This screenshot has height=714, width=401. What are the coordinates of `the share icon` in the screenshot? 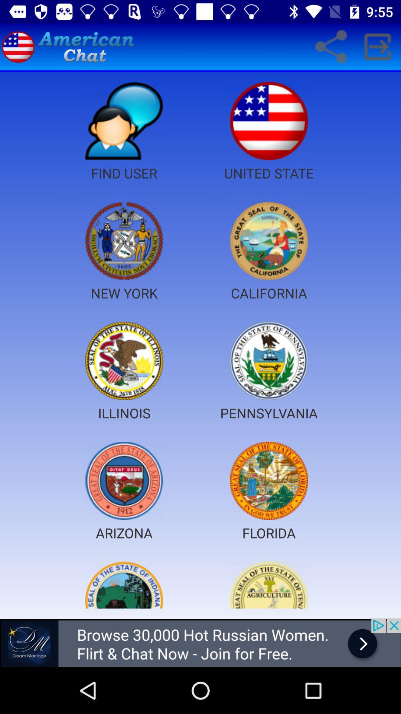 It's located at (330, 46).